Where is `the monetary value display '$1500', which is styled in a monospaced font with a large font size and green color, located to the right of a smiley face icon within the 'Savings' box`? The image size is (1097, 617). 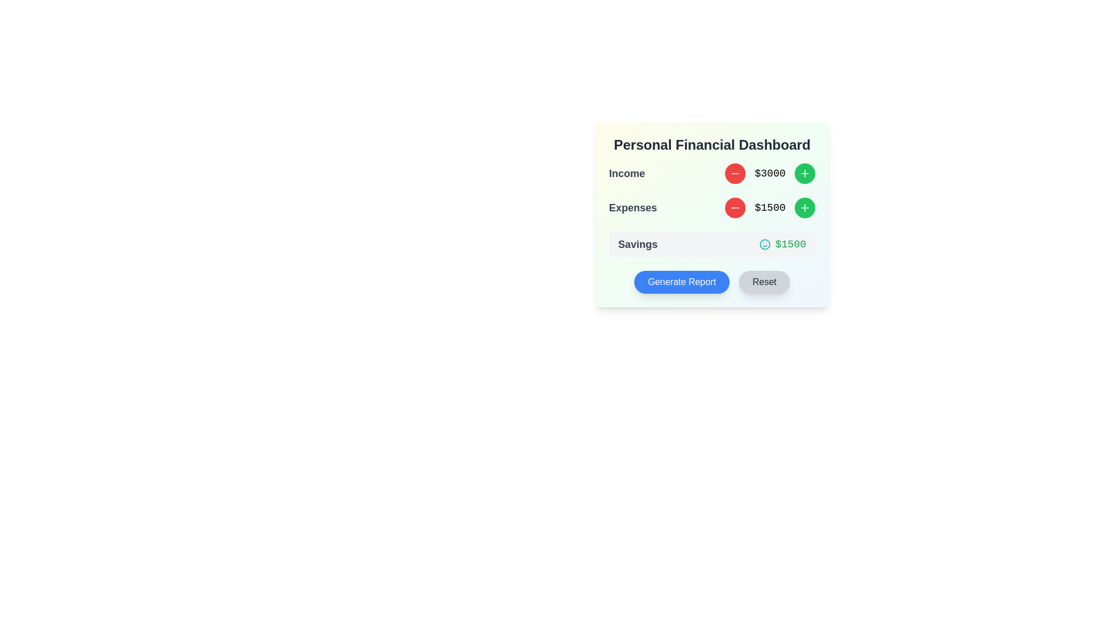 the monetary value display '$1500', which is styled in a monospaced font with a large font size and green color, located to the right of a smiley face icon within the 'Savings' box is located at coordinates (782, 244).